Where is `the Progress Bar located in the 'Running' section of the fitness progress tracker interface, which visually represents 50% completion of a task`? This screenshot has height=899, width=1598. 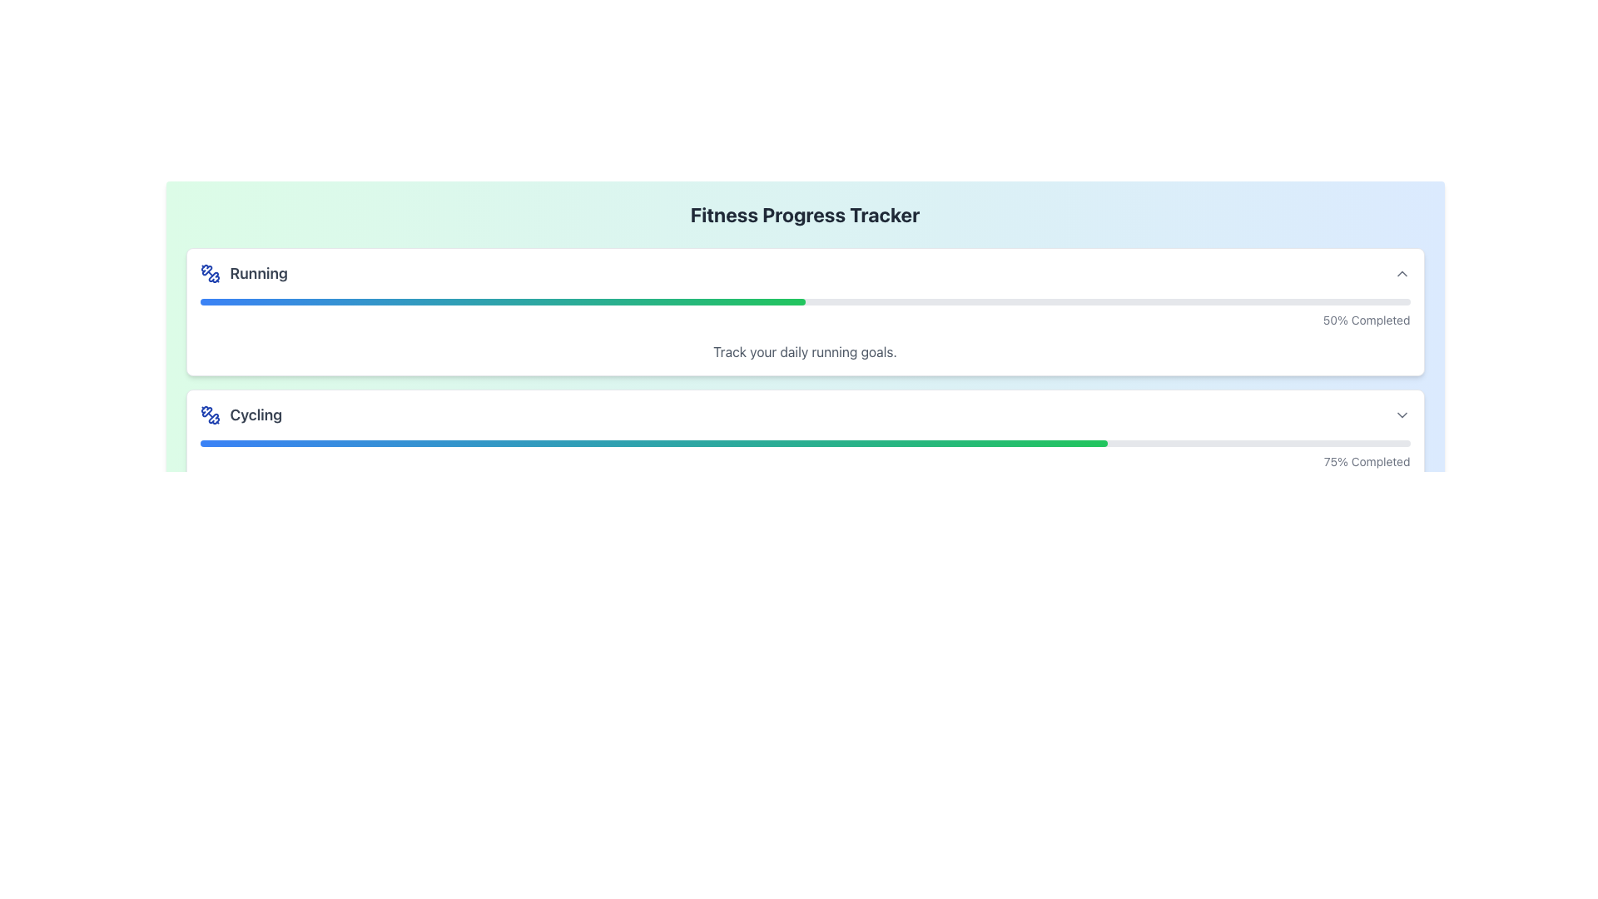
the Progress Bar located in the 'Running' section of the fitness progress tracker interface, which visually represents 50% completion of a task is located at coordinates (805, 301).